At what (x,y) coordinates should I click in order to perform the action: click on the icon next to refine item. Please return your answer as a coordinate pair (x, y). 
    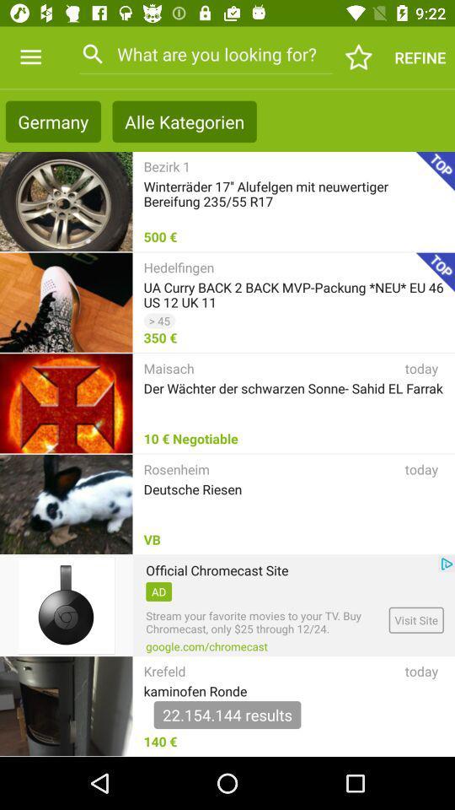
    Looking at the image, I should click on (358, 57).